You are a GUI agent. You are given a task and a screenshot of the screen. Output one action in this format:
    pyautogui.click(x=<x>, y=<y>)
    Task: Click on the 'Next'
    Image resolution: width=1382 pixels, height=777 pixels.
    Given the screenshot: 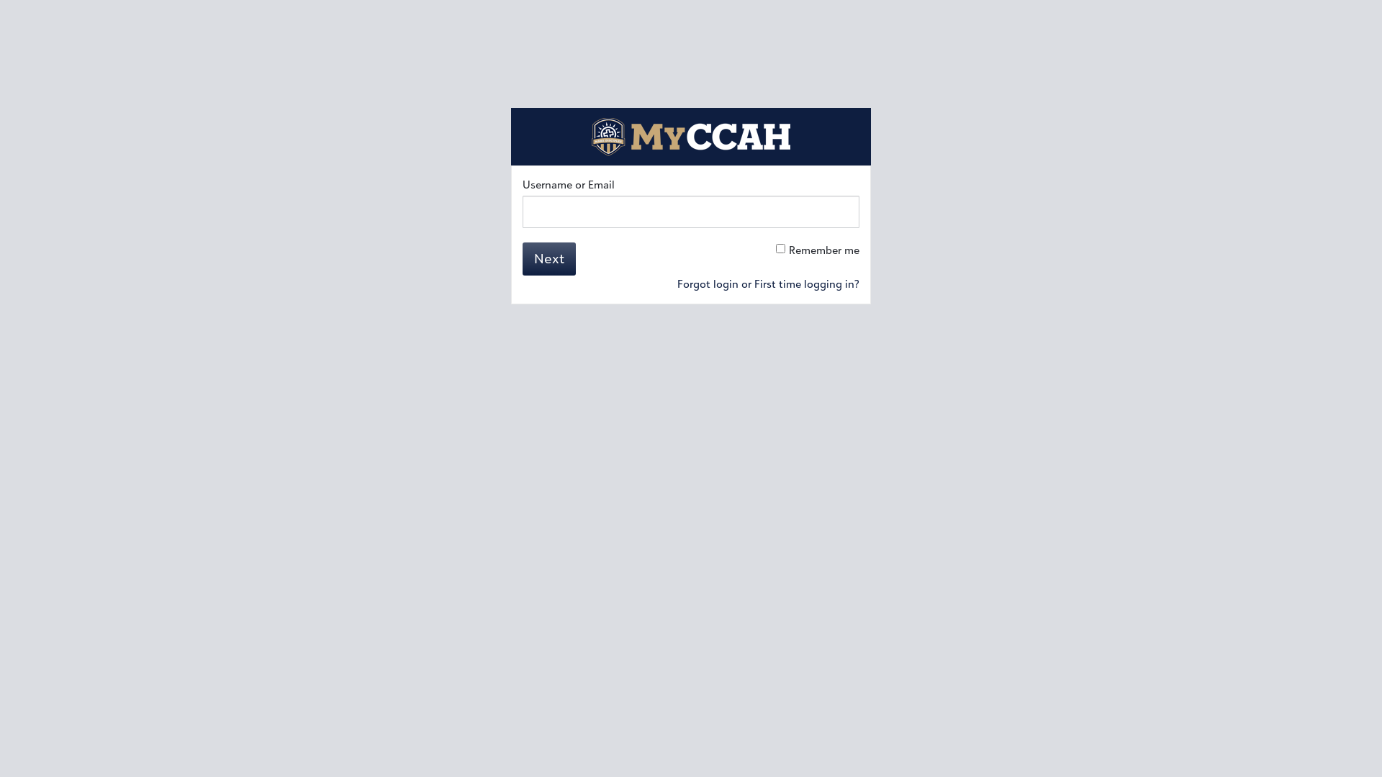 What is the action you would take?
    pyautogui.click(x=548, y=258)
    